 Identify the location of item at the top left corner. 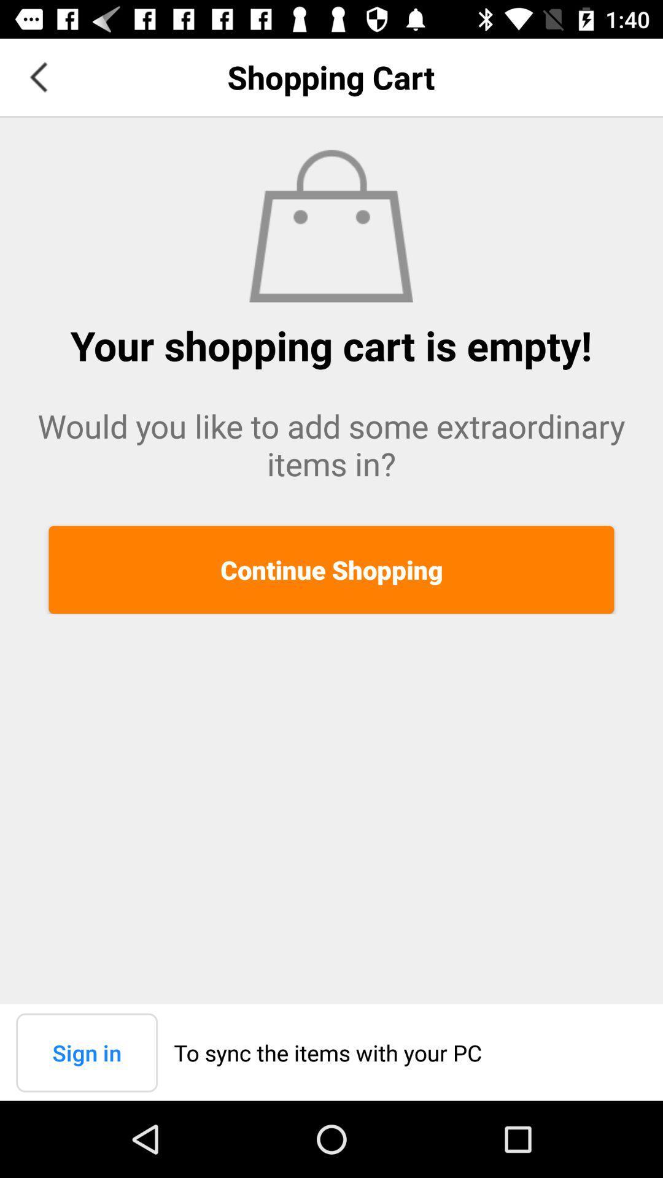
(37, 76).